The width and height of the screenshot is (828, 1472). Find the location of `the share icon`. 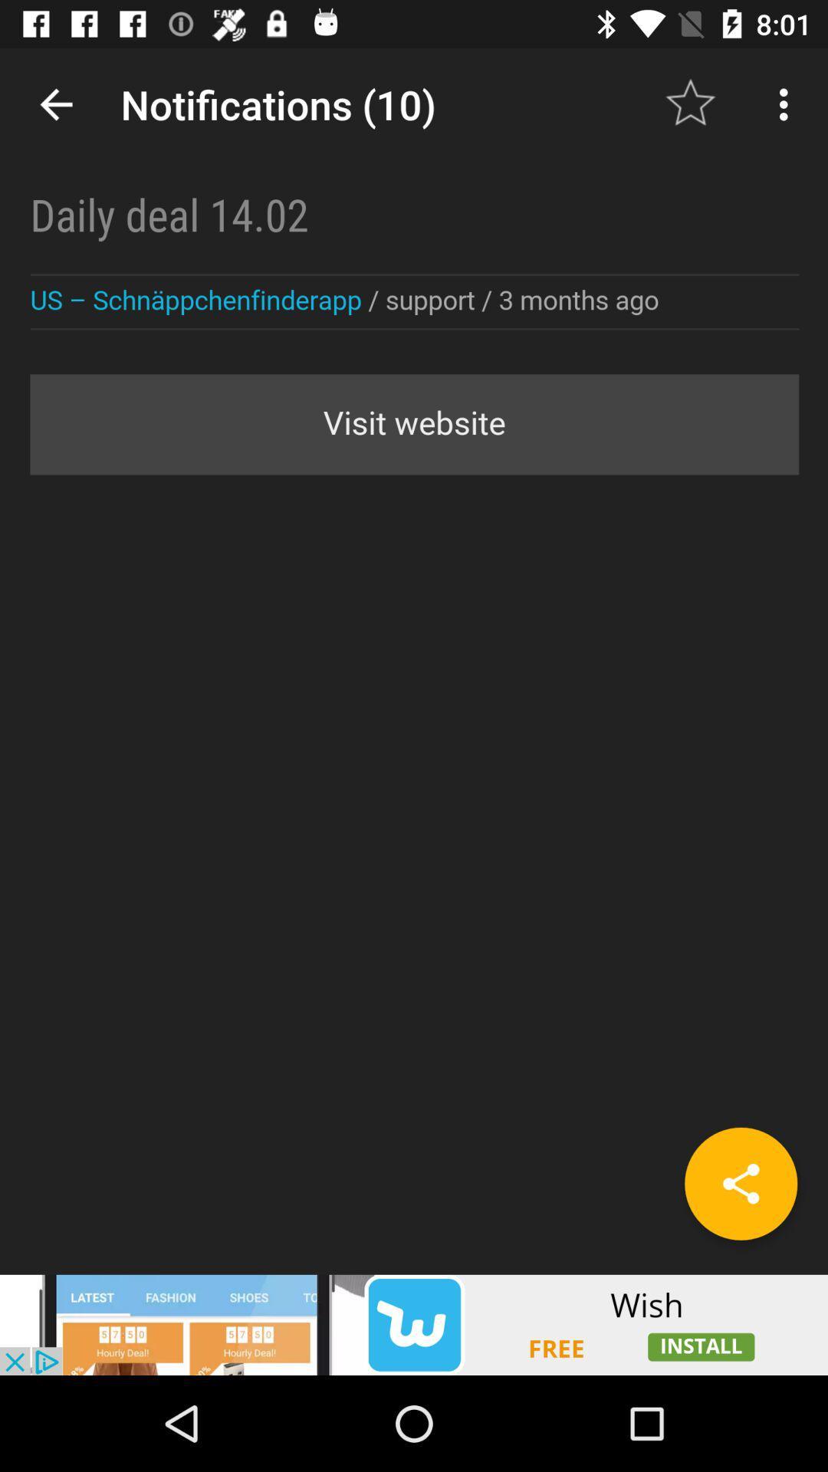

the share icon is located at coordinates (740, 1183).